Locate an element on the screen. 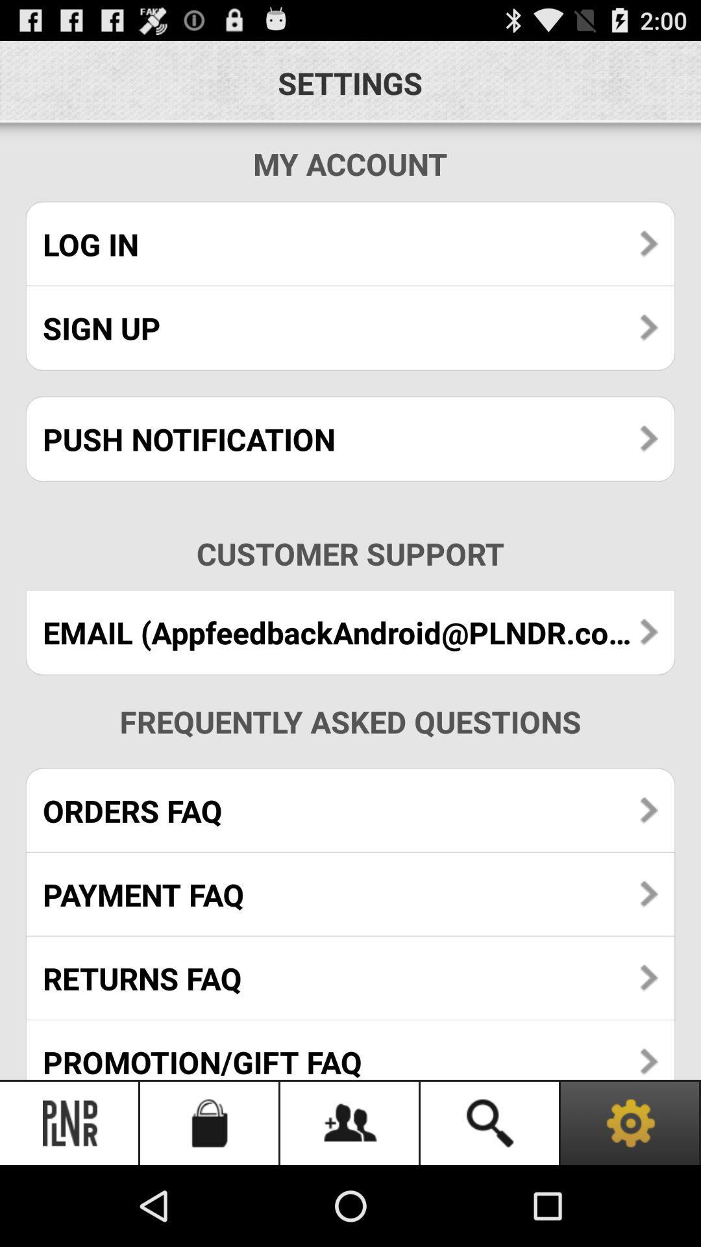 The height and width of the screenshot is (1247, 701). the item below the customer support app is located at coordinates (350, 632).